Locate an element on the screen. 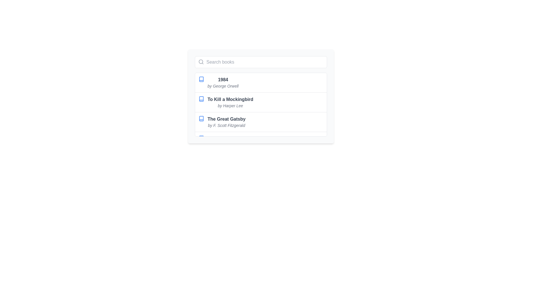 This screenshot has height=308, width=547. the decorative SVG icon of a book, which is an outlined rectangle with a line through its top, located in the second row before the text 'To Kill a Mockingbird' by 'Harper Lee' is located at coordinates (201, 99).